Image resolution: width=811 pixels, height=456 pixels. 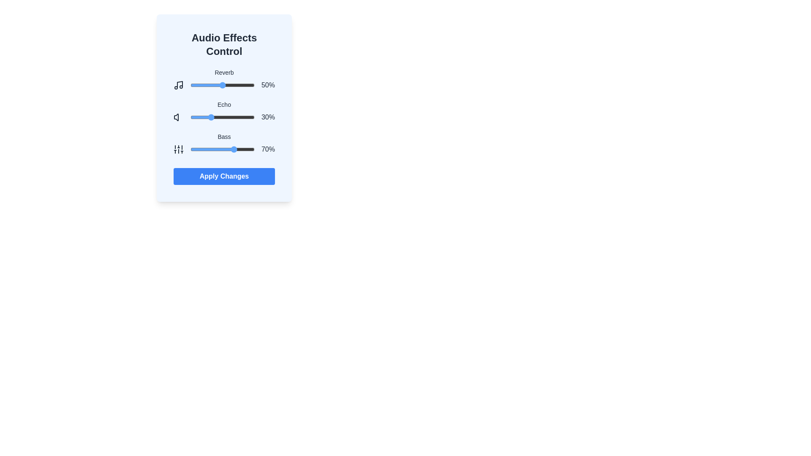 I want to click on the vertical sliders icon, which is the leftmost element of the 'Bass' control row in the Audio Effects Control panel, so click(x=178, y=149).